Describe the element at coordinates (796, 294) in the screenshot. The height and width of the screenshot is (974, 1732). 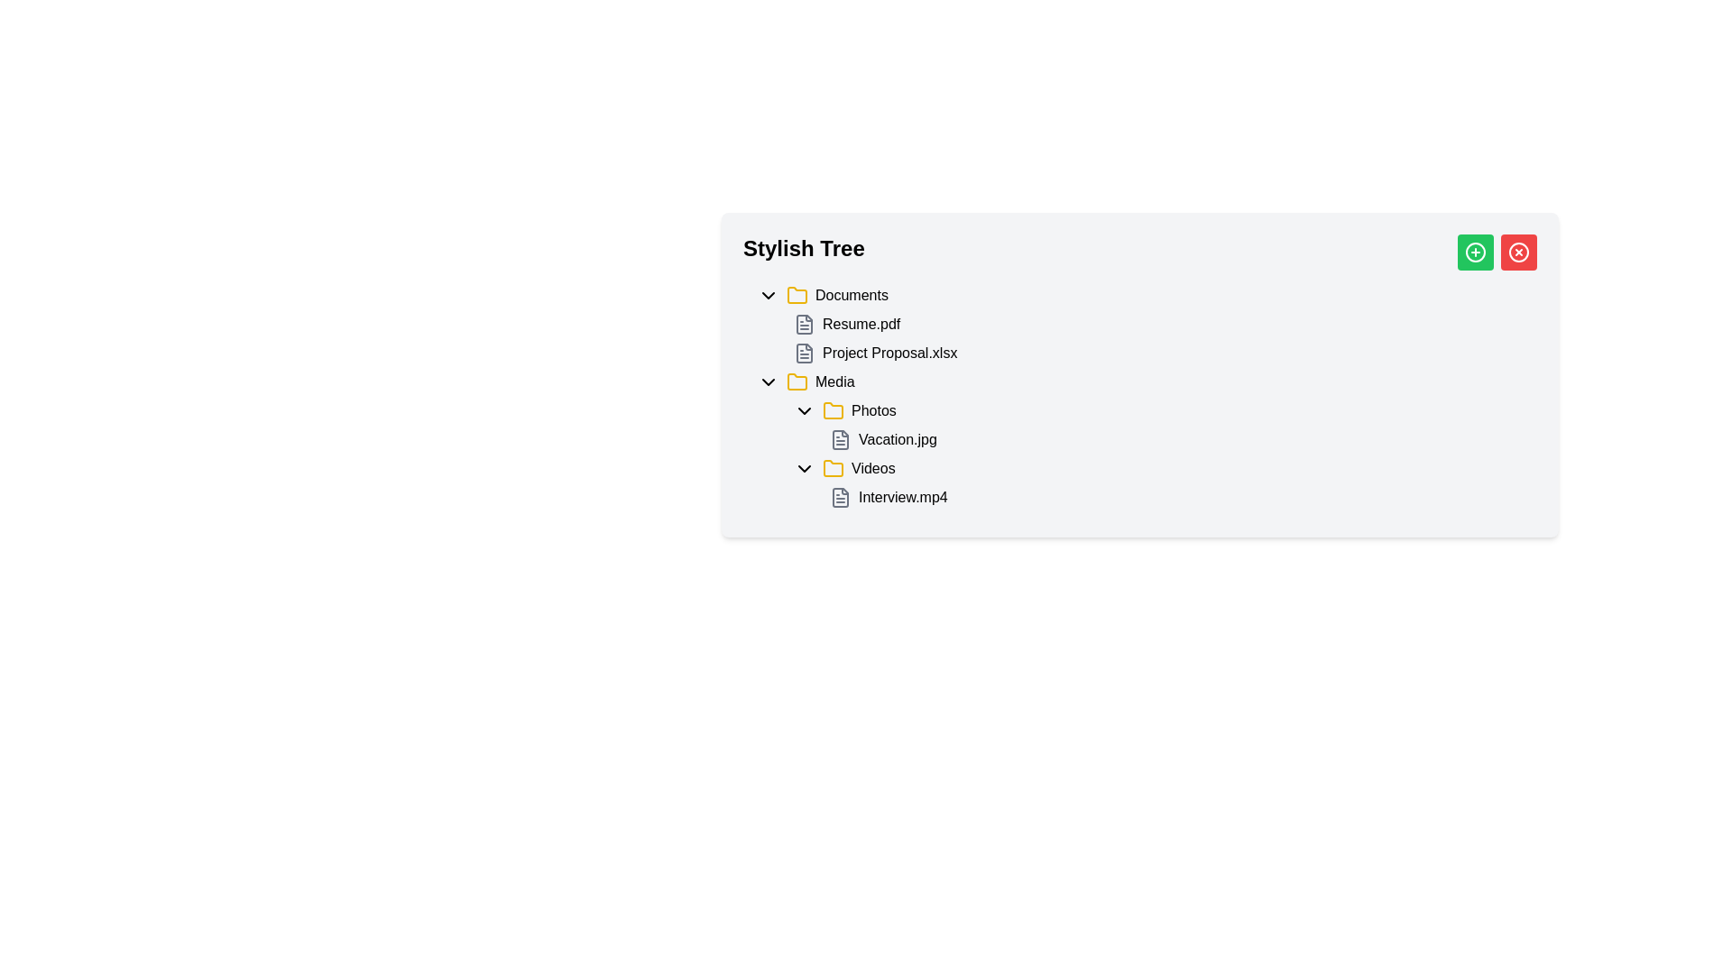
I see `the graphical folder icon representing the 'Media' folder in the navigational tree structure` at that location.